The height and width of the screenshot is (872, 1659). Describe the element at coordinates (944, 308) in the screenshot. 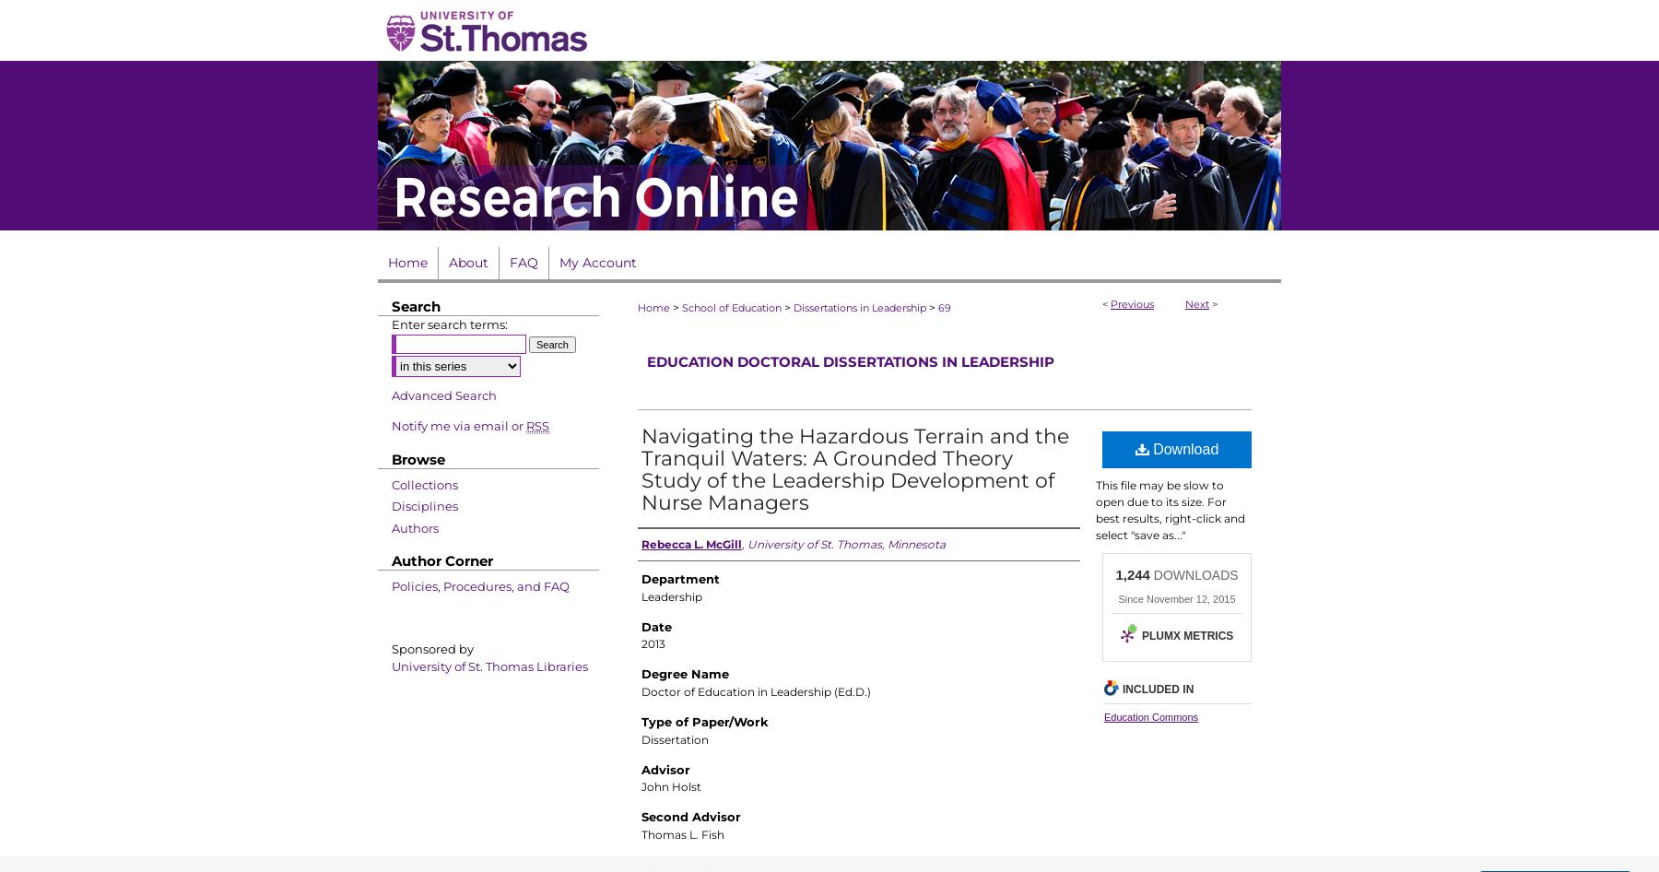

I see `'69'` at that location.